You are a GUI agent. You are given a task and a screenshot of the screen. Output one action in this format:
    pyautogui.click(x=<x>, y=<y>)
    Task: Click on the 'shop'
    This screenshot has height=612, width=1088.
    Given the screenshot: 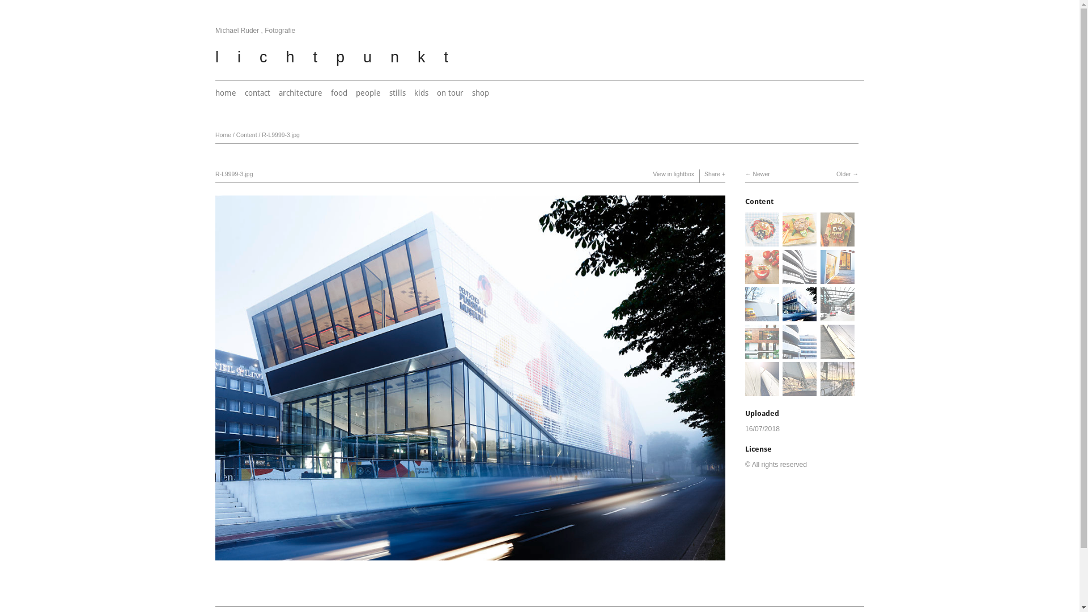 What is the action you would take?
    pyautogui.click(x=481, y=92)
    